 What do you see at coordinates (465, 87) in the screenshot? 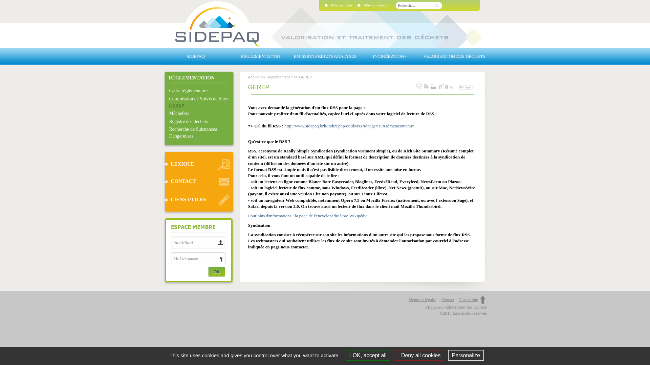
I see `'Partager'` at bounding box center [465, 87].